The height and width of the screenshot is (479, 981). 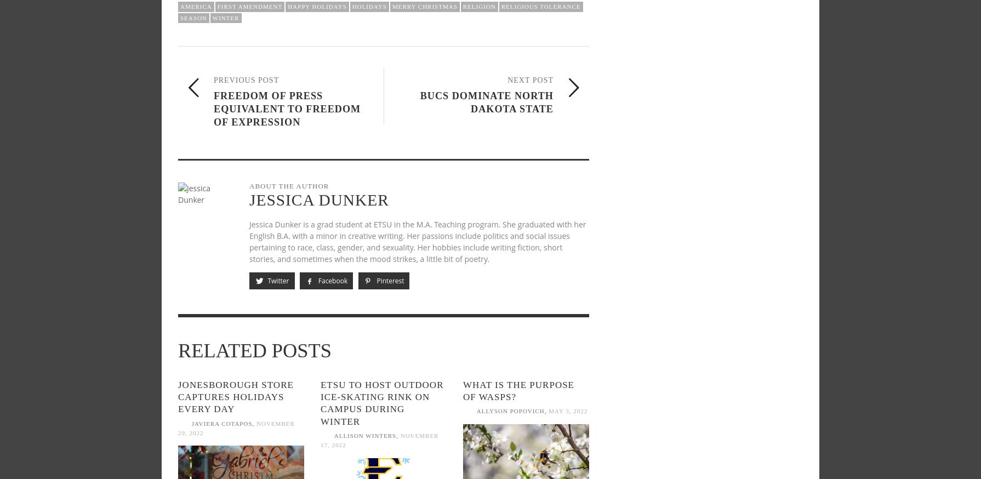 I want to click on 'season', so click(x=193, y=16).